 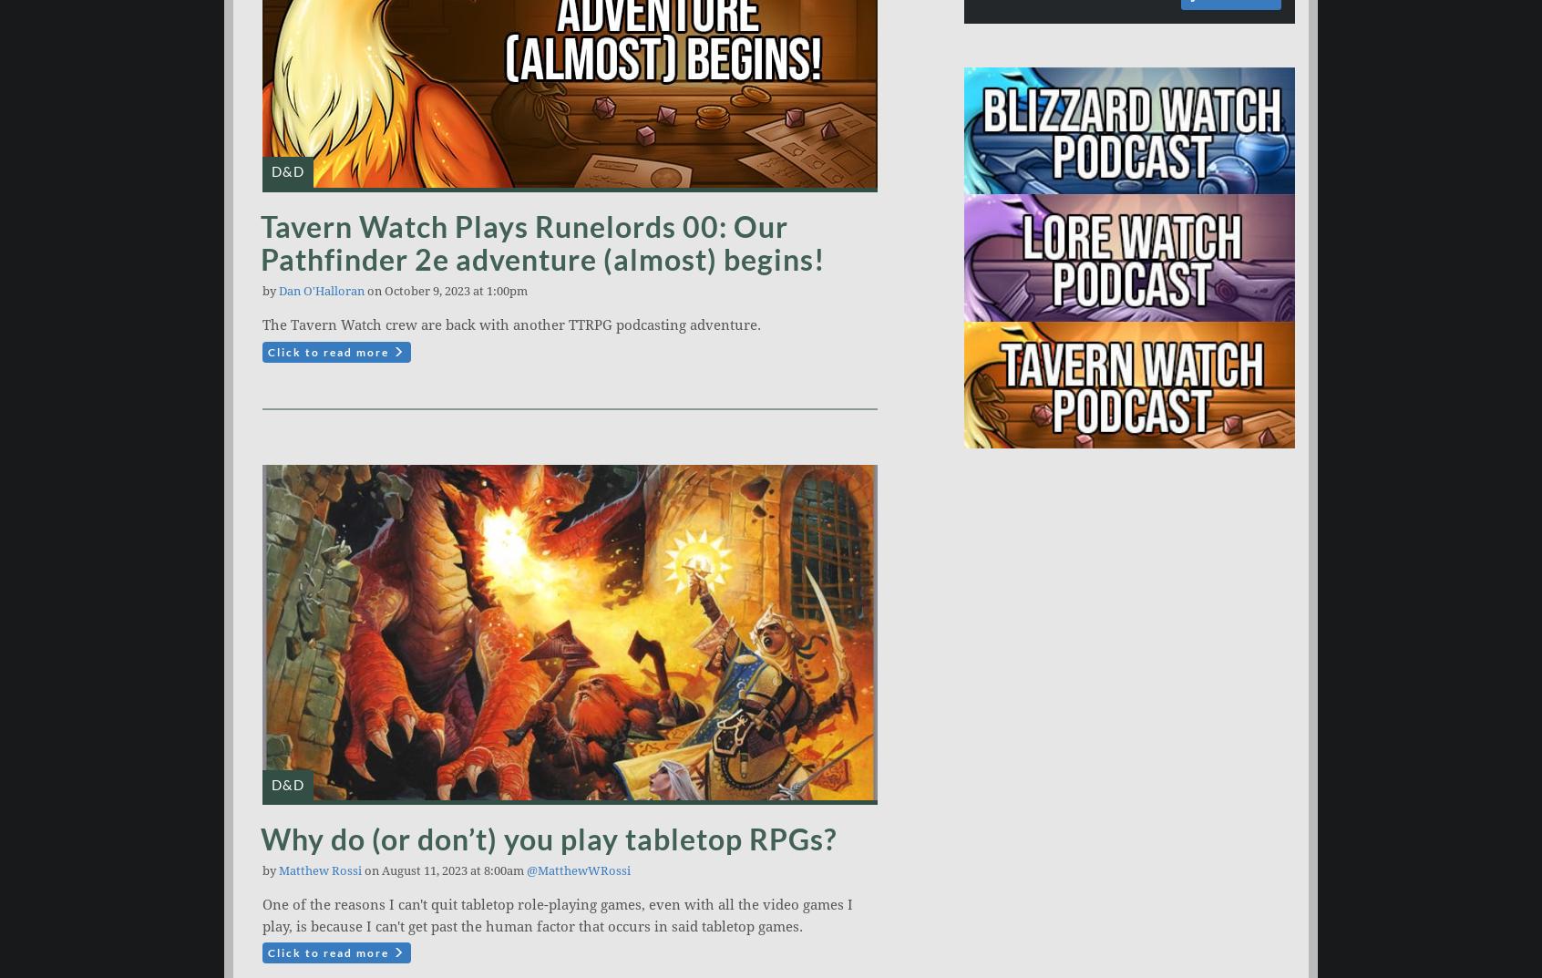 I want to click on 'One of the reasons I can't quit tabletop role-playing games, even with all the video games I play, is because I can't get past the human factor that occurs in said tabletop games.', so click(x=556, y=914).